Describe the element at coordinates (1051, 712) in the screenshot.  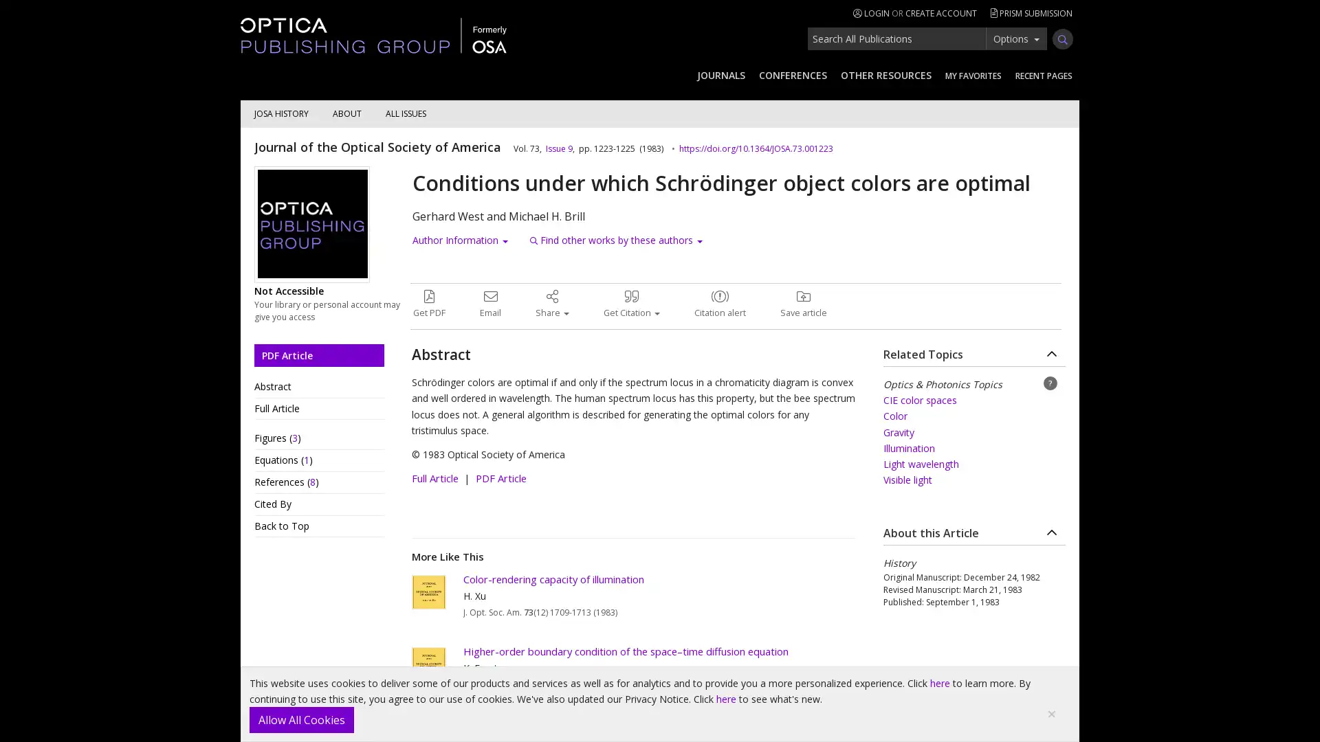
I see `close` at that location.